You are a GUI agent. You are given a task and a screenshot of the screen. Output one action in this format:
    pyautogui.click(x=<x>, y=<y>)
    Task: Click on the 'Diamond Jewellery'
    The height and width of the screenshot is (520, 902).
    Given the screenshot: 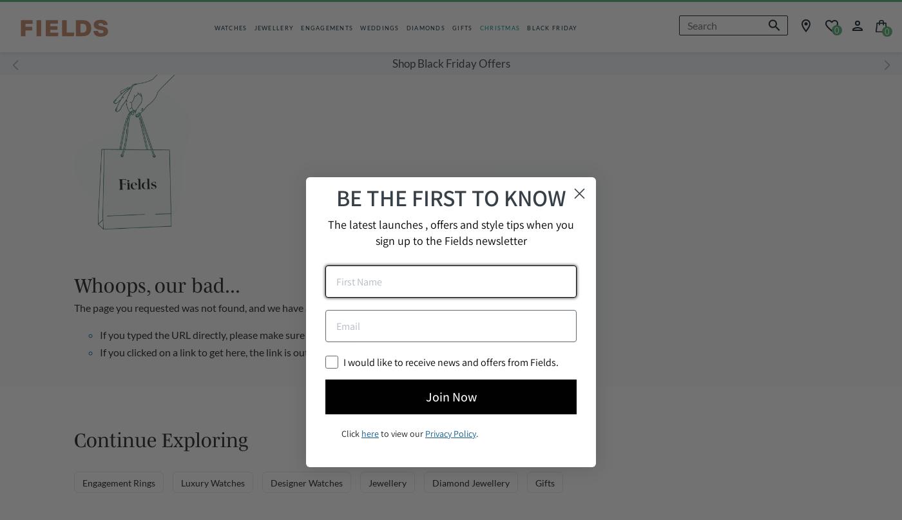 What is the action you would take?
    pyautogui.click(x=470, y=481)
    